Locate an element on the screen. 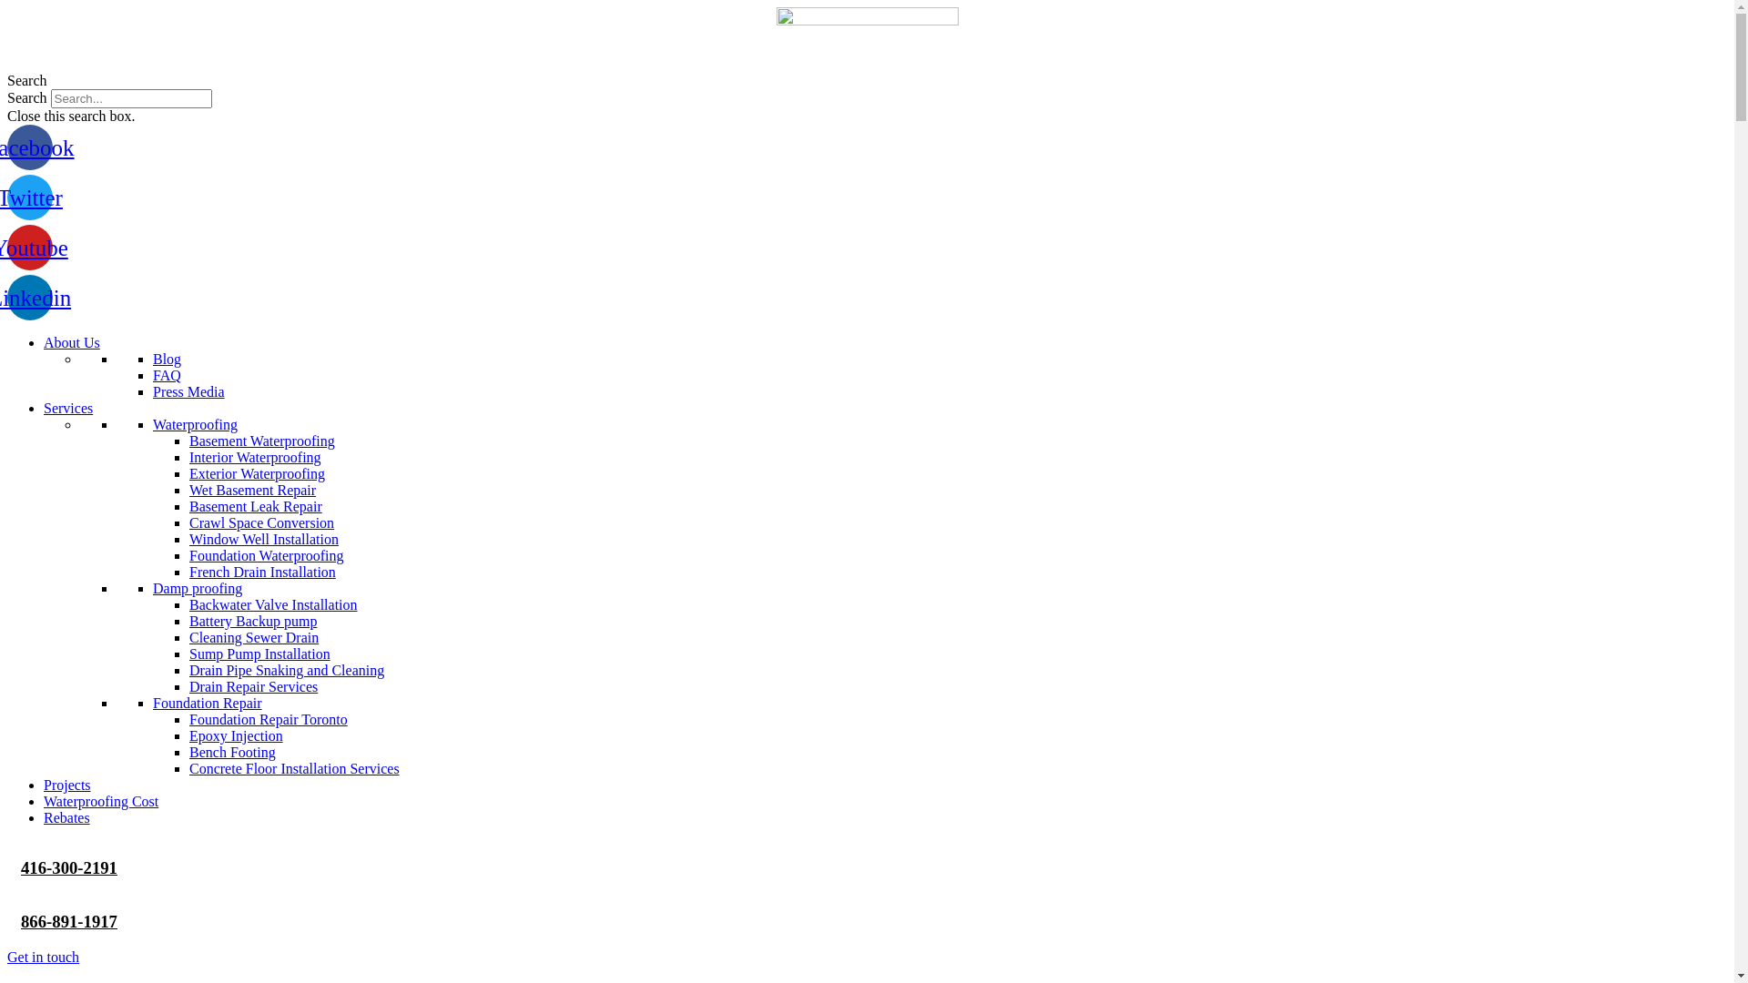 The width and height of the screenshot is (1748, 983). 'Cleaning Sewer Drain' is located at coordinates (252, 636).